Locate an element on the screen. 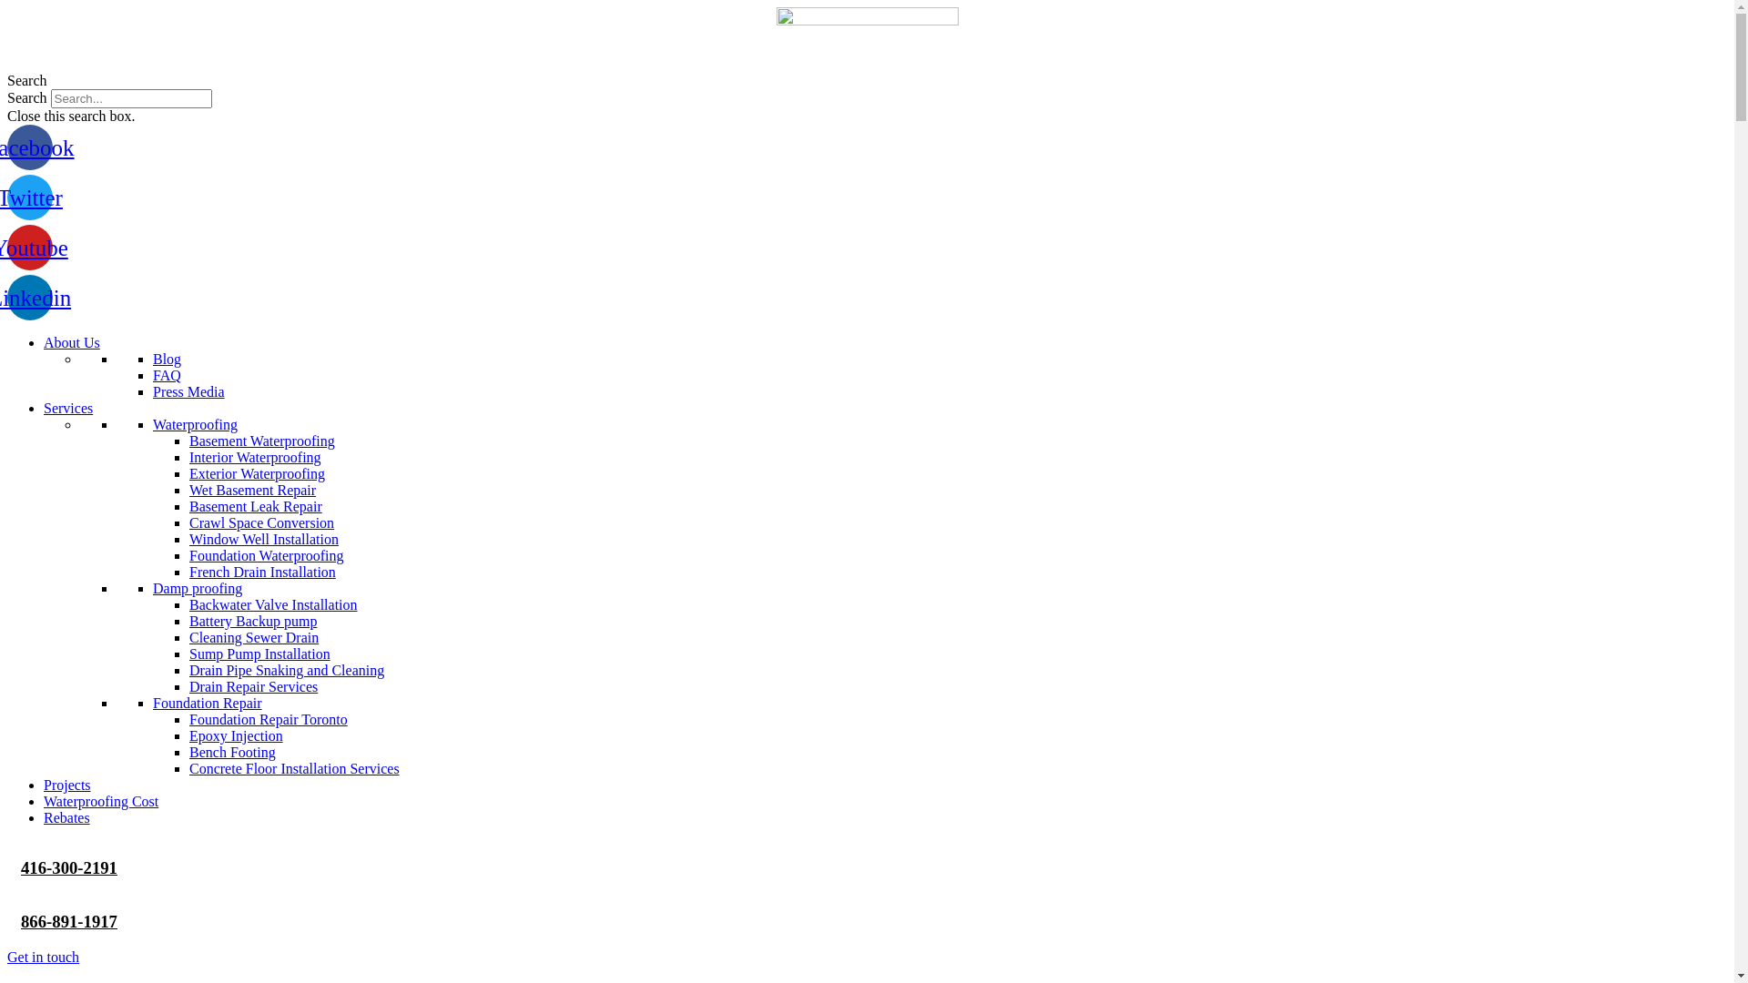 The width and height of the screenshot is (1748, 983). 'Cleaning Sewer Drain' is located at coordinates (252, 636).